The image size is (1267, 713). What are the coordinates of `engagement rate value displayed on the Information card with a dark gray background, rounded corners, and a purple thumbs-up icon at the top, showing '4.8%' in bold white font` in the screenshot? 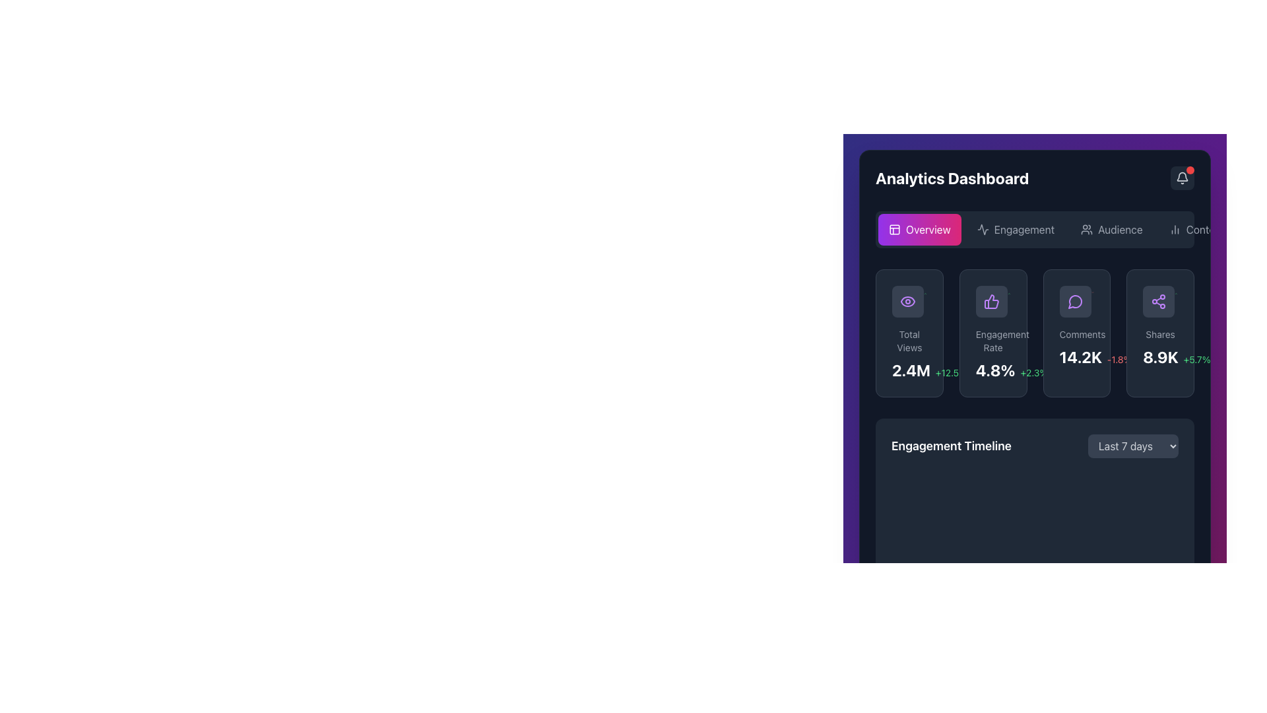 It's located at (993, 333).